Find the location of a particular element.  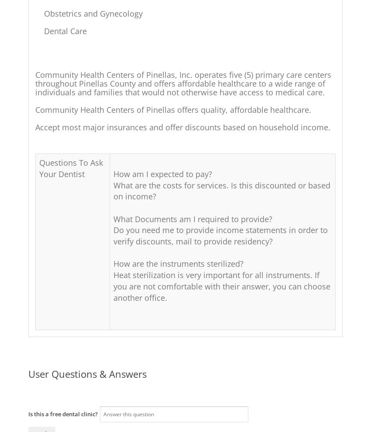

'Do you need me to provide income statements in order to verify discounts, mail to provide residency?' is located at coordinates (220, 235).